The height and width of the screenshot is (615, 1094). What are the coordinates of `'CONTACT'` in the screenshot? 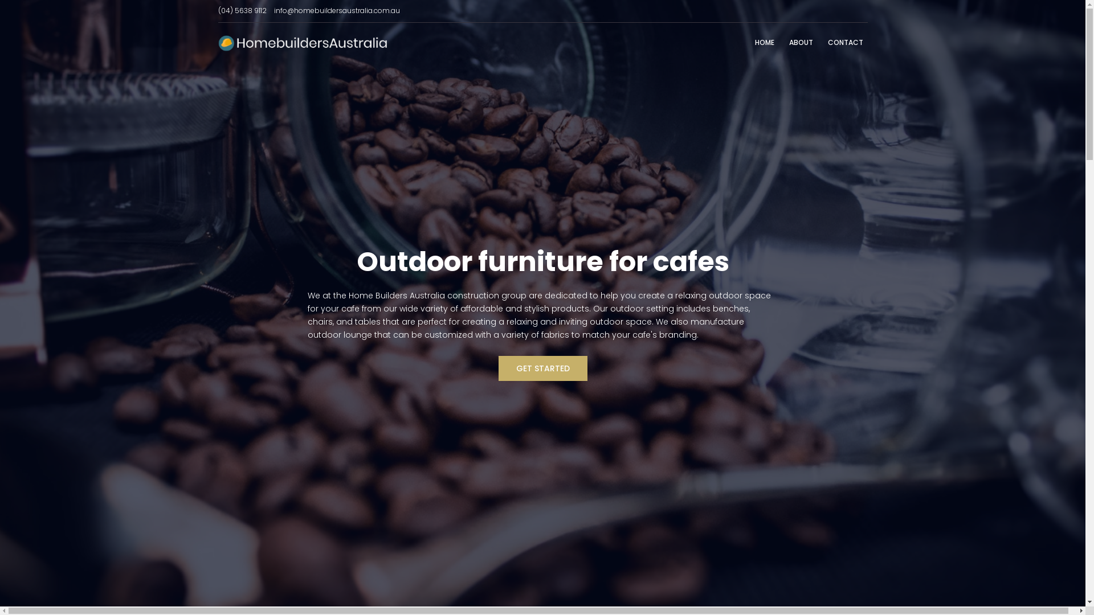 It's located at (845, 42).